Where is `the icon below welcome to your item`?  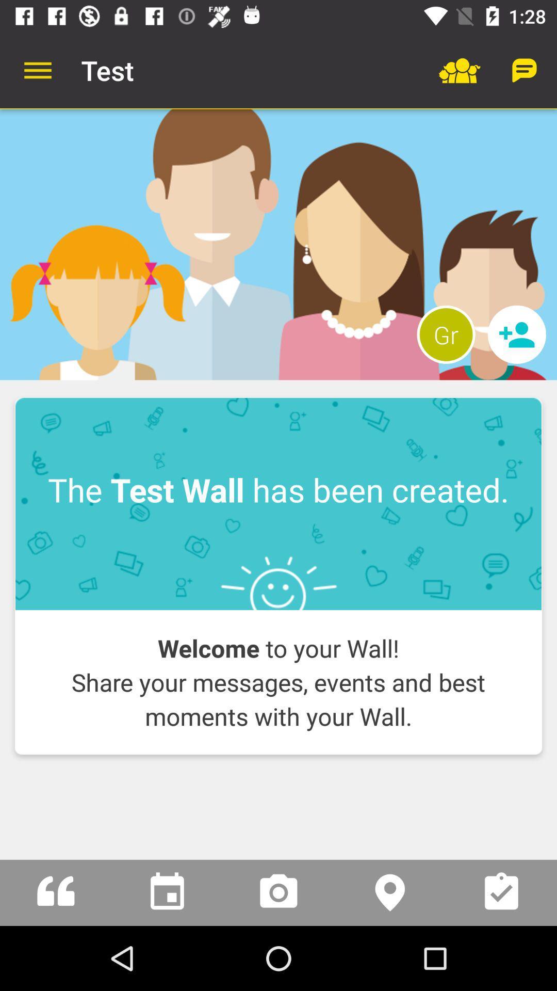 the icon below welcome to your item is located at coordinates (278, 779).